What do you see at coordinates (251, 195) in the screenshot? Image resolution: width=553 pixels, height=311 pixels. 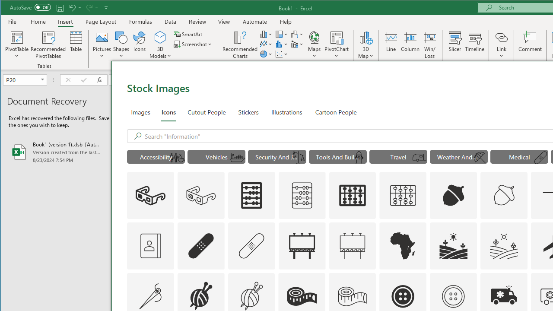 I see `'AutomationID: Icons_Abacus'` at bounding box center [251, 195].